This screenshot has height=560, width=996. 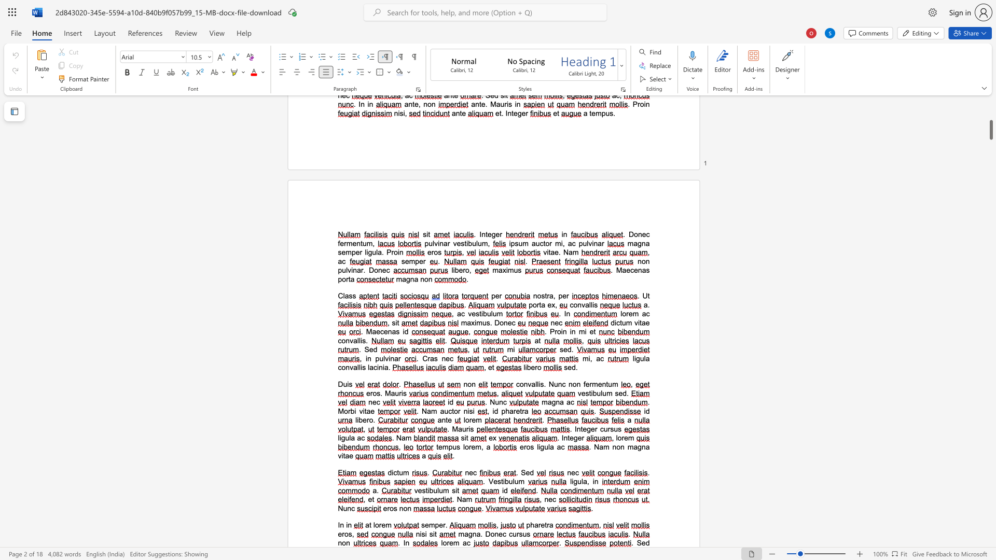 What do you see at coordinates (466, 542) in the screenshot?
I see `the space between the continuous character "a" and "c" in the text` at bounding box center [466, 542].